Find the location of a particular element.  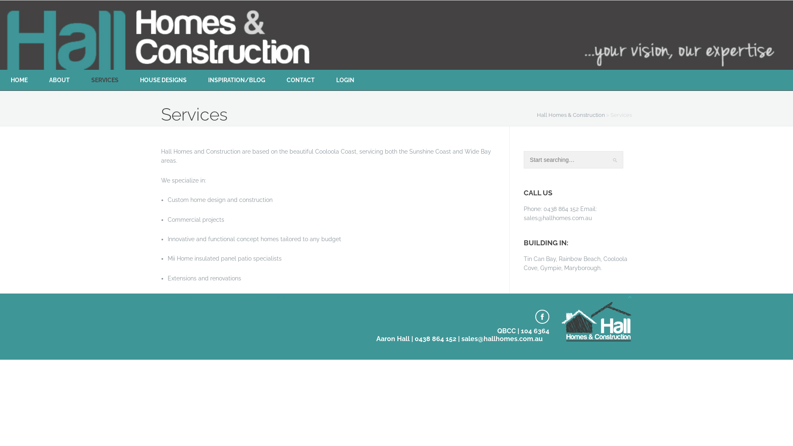

'LOGIN' is located at coordinates (345, 80).